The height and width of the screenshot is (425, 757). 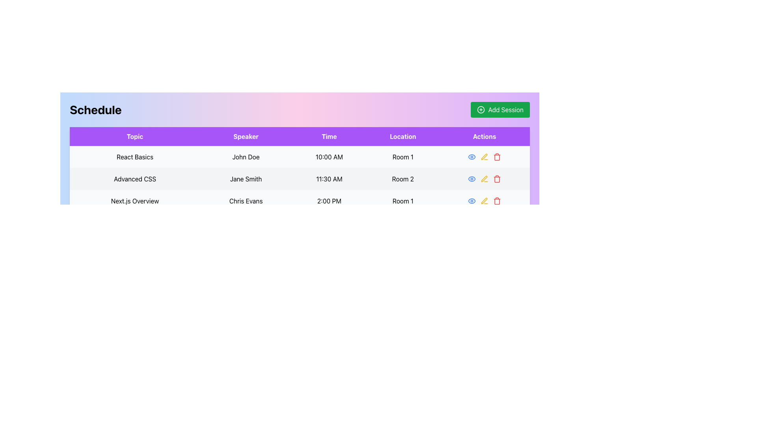 What do you see at coordinates (472, 179) in the screenshot?
I see `the 'View' action button in the 'Actions' column of the table to change its color and potentially reveal a tooltip` at bounding box center [472, 179].